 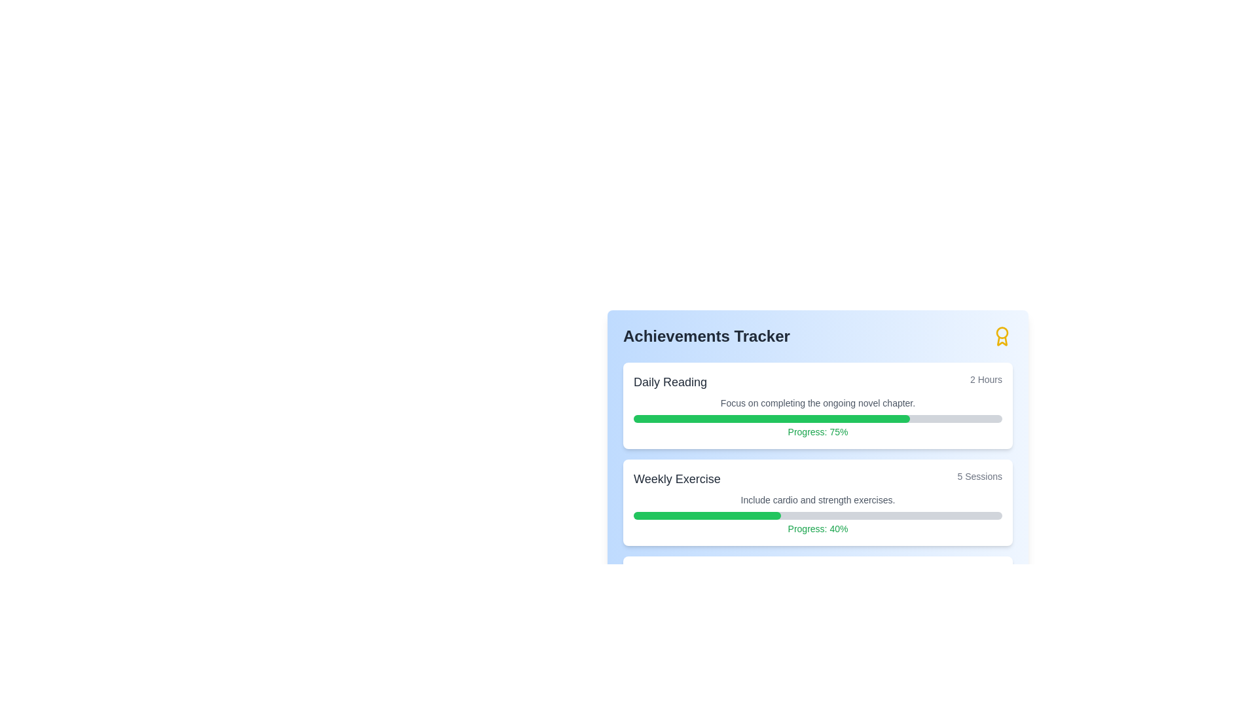 What do you see at coordinates (1002, 332) in the screenshot?
I see `the gold hollow circular icon at the center of the award icon located in the top-right corner of the Achievements Tracker interface` at bounding box center [1002, 332].